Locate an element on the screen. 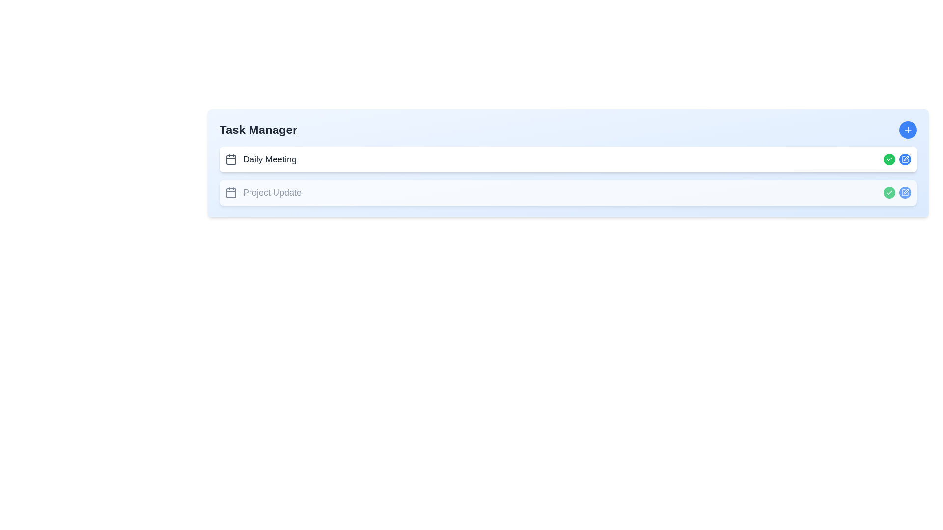 This screenshot has height=530, width=943. the action button located on the right side of the second row, adjacent to a blue button with a pen icon is located at coordinates (889, 193).